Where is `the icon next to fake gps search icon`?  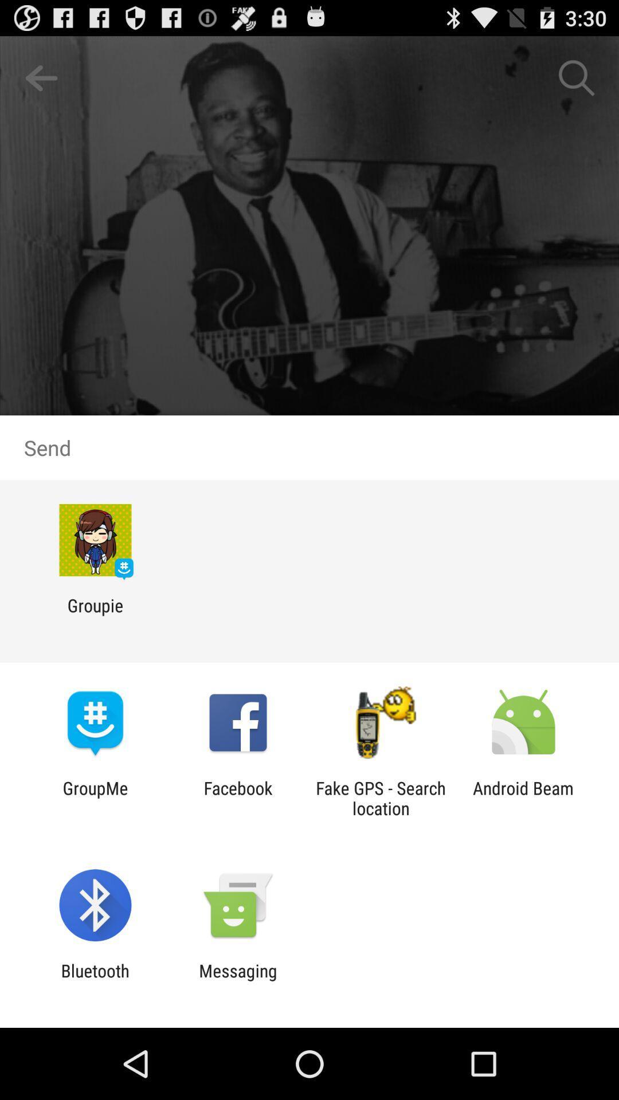
the icon next to fake gps search icon is located at coordinates (237, 797).